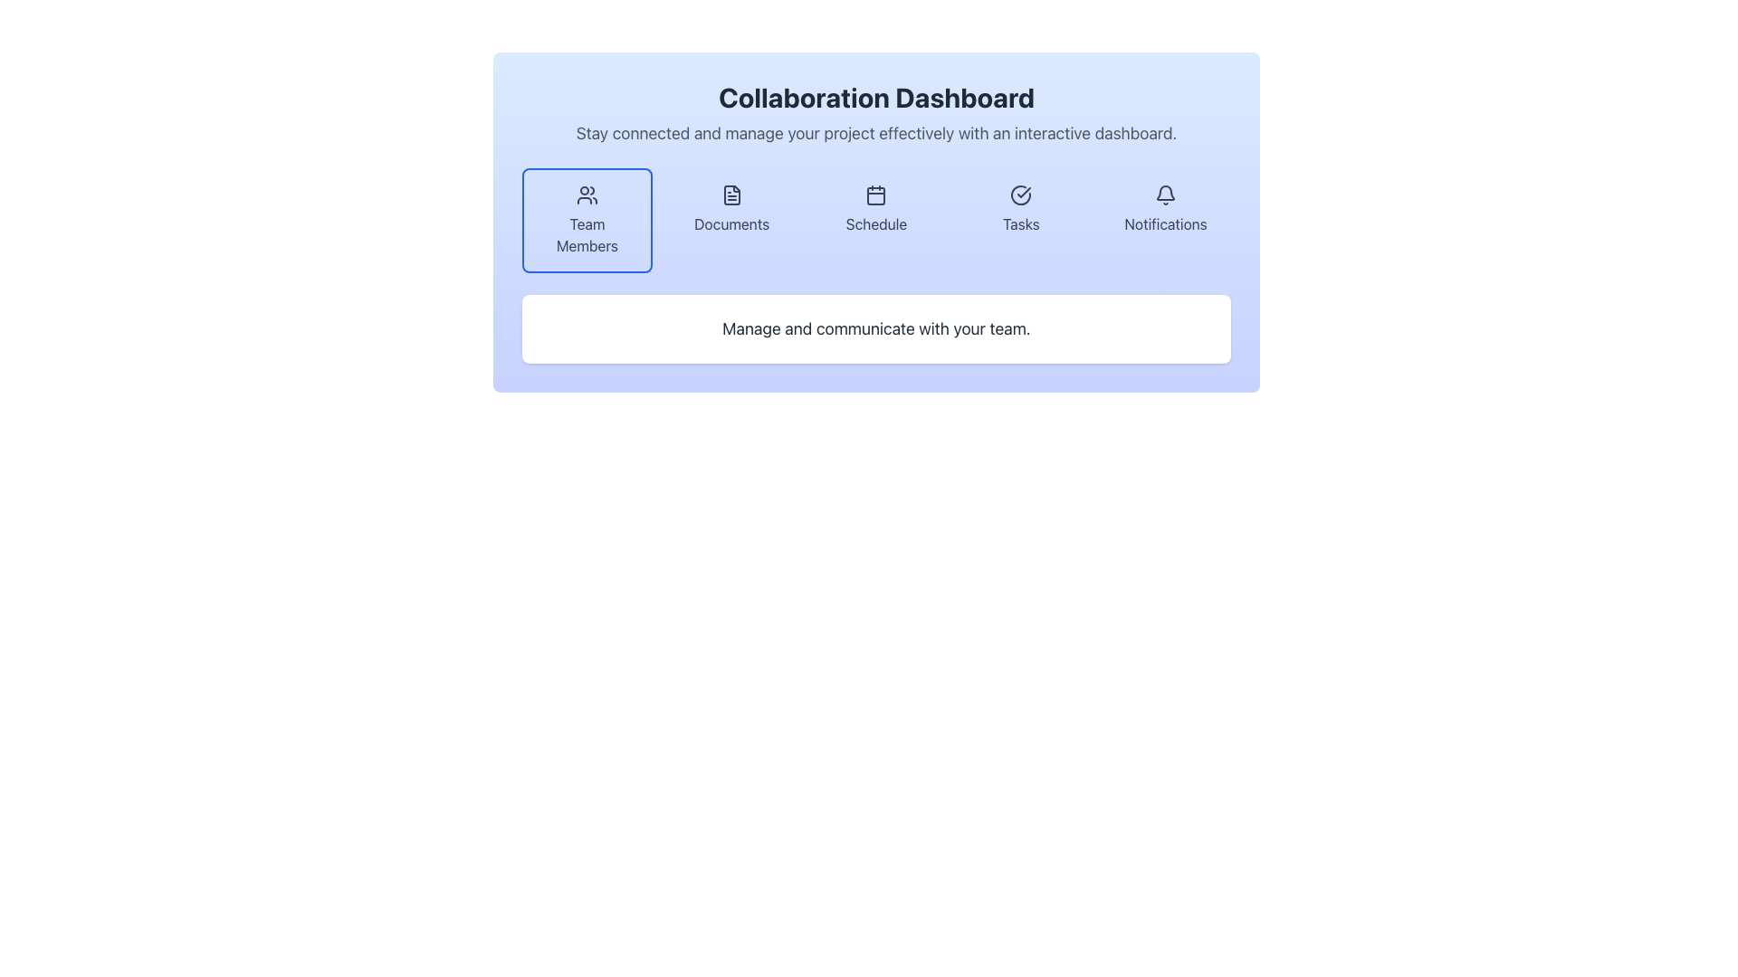 Image resolution: width=1738 pixels, height=977 pixels. Describe the element at coordinates (587, 195) in the screenshot. I see `the 'Team Members' icon in the Collaboration Dashboard` at that location.